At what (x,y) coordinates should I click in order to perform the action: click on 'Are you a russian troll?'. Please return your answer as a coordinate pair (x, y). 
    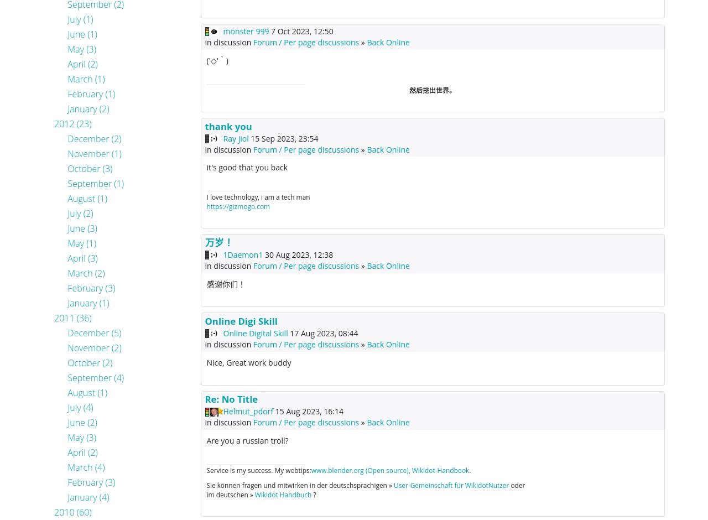
    Looking at the image, I should click on (206, 440).